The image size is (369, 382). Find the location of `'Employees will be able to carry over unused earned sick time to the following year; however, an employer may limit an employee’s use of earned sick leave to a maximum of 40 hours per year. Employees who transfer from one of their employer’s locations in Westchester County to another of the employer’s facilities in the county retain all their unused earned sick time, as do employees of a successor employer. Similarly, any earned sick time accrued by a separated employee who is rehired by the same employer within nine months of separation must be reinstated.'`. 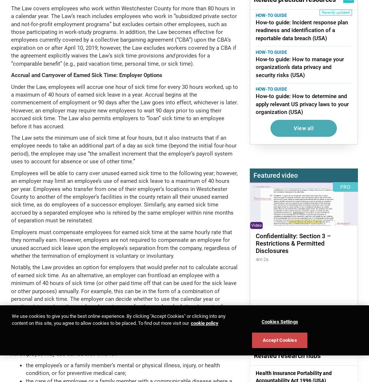

'Employees will be able to carry over unused earned sick time to the following year; however, an employer may limit an employee’s use of earned sick leave to a maximum of 40 hours per year. Employees who transfer from one of their employer’s locations in Westchester County to another of the employer’s facilities in the county retain all their unused earned sick time, as do employees of a successor employer. Similarly, any earned sick time accrued by a separated employee who is rehired by the same employer within nine months of separation must be reinstated.' is located at coordinates (124, 197).